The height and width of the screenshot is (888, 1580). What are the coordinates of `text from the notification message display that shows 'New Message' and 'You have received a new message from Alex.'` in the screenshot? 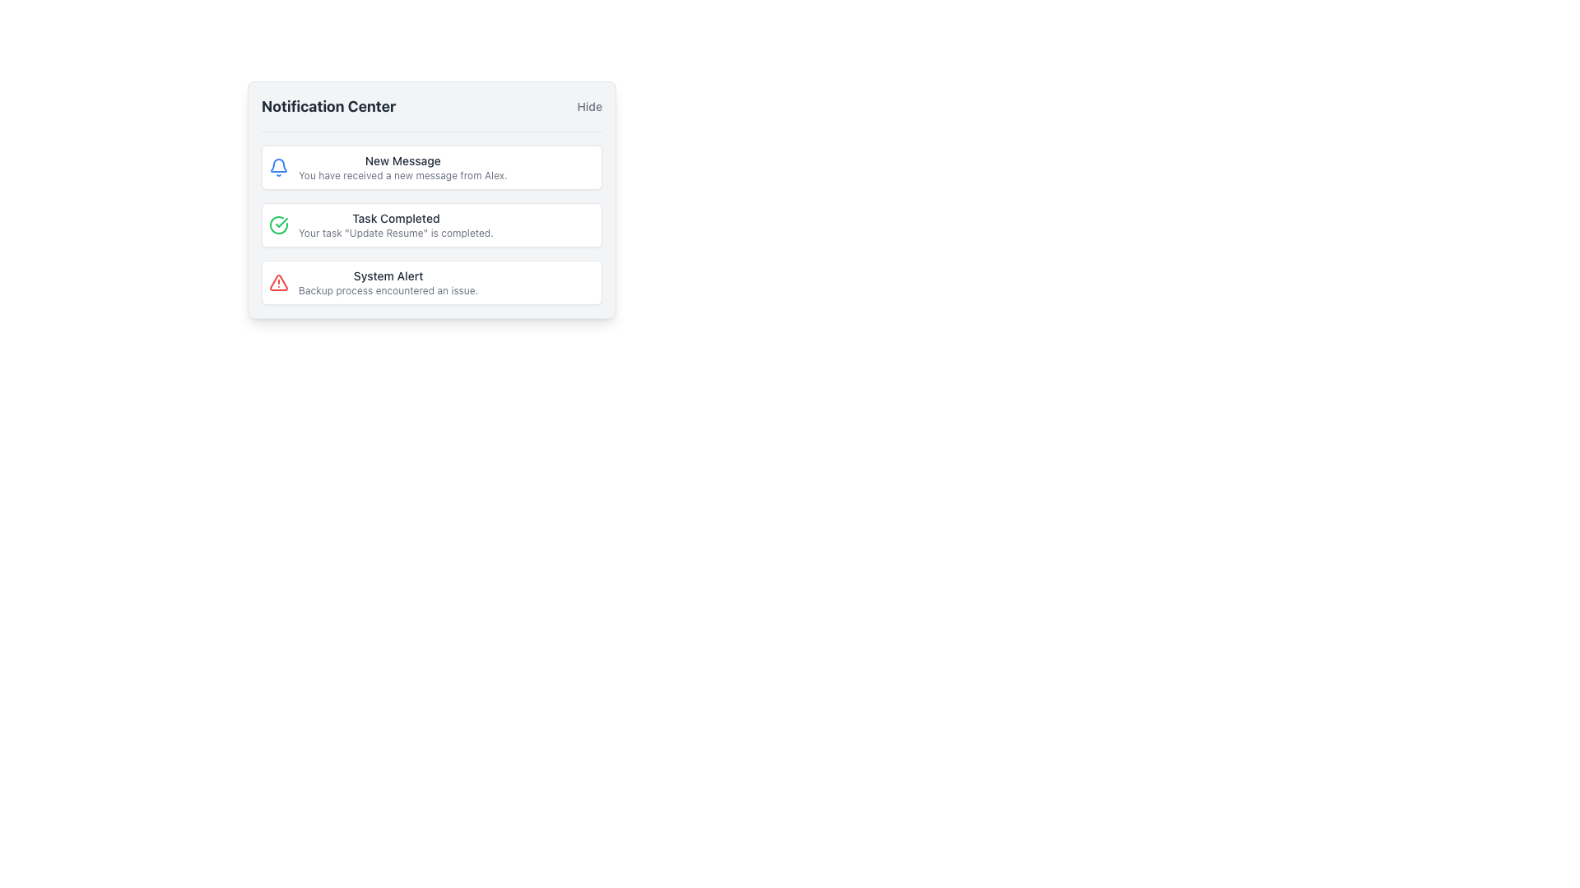 It's located at (402, 168).